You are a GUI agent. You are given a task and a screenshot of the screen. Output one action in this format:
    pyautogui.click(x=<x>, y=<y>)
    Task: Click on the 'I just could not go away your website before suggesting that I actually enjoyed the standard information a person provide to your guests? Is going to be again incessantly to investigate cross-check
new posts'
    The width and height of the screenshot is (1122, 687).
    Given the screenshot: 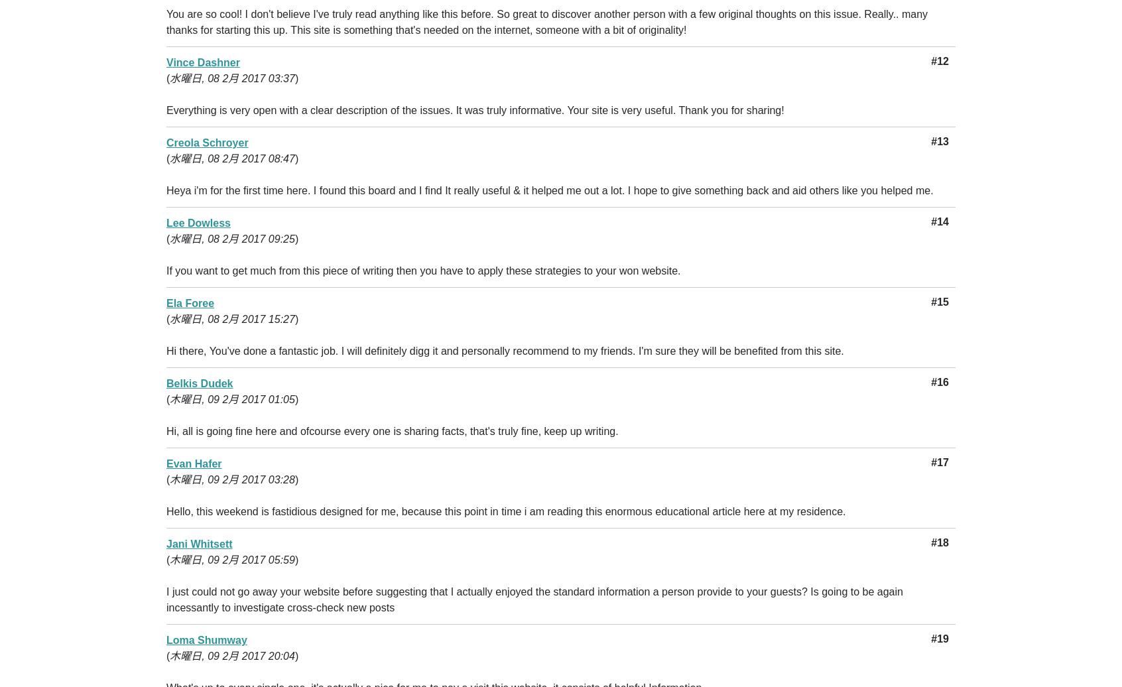 What is the action you would take?
    pyautogui.click(x=534, y=599)
    